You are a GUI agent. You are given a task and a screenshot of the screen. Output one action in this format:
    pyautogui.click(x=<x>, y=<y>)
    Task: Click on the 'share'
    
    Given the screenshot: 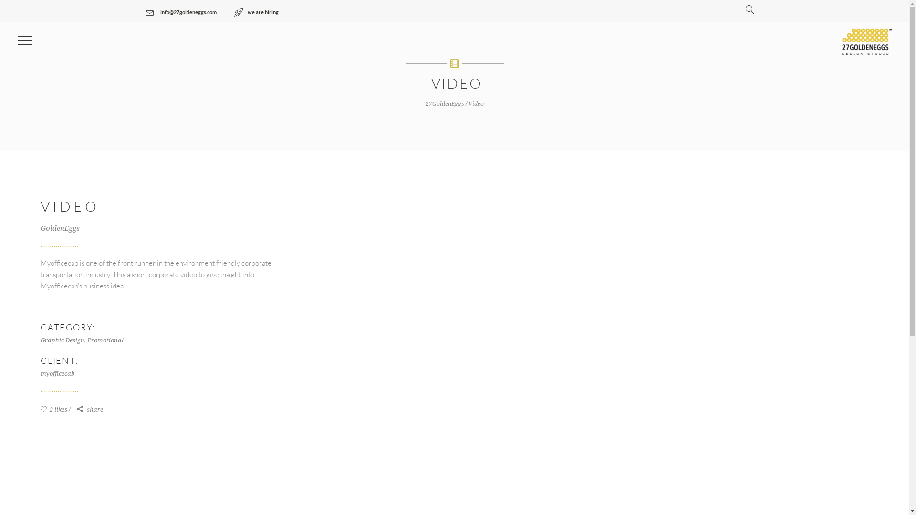 What is the action you would take?
    pyautogui.click(x=77, y=409)
    